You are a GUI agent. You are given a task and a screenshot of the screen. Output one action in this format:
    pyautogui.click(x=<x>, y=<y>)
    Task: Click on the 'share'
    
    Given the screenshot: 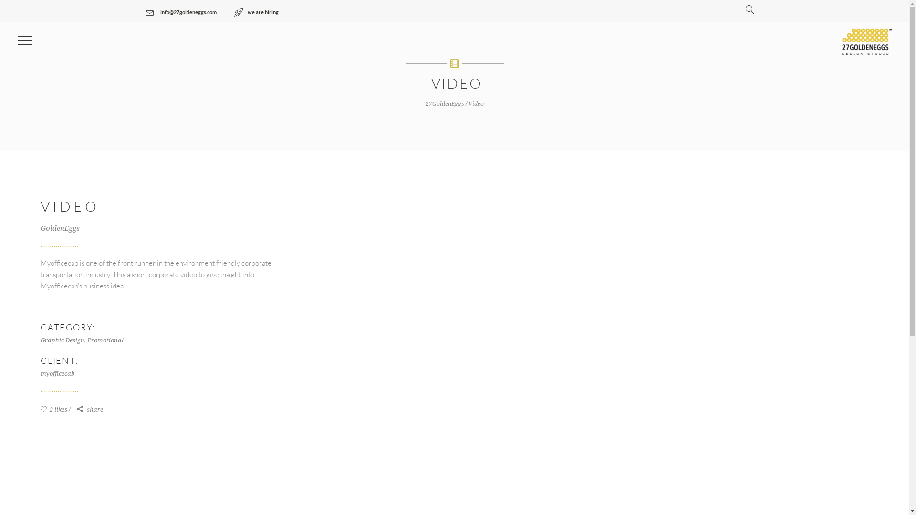 What is the action you would take?
    pyautogui.click(x=77, y=409)
    